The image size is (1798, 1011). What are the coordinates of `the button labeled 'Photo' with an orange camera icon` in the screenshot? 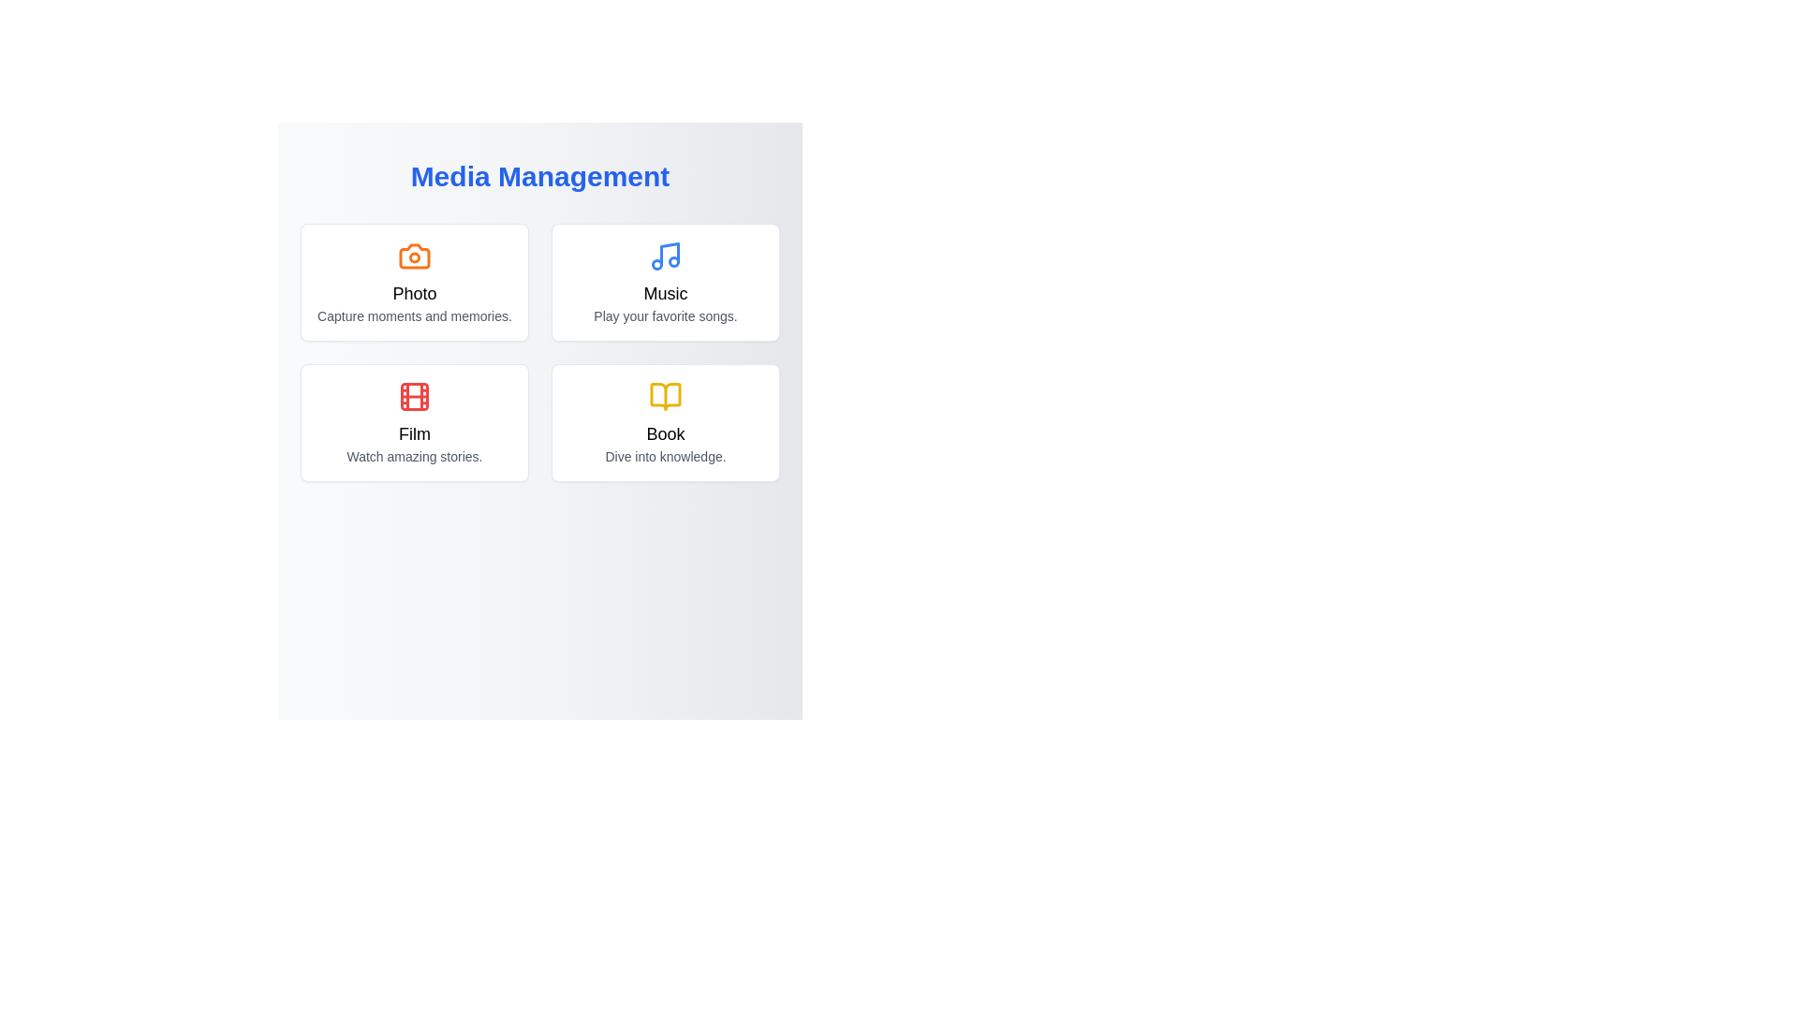 It's located at (413, 282).